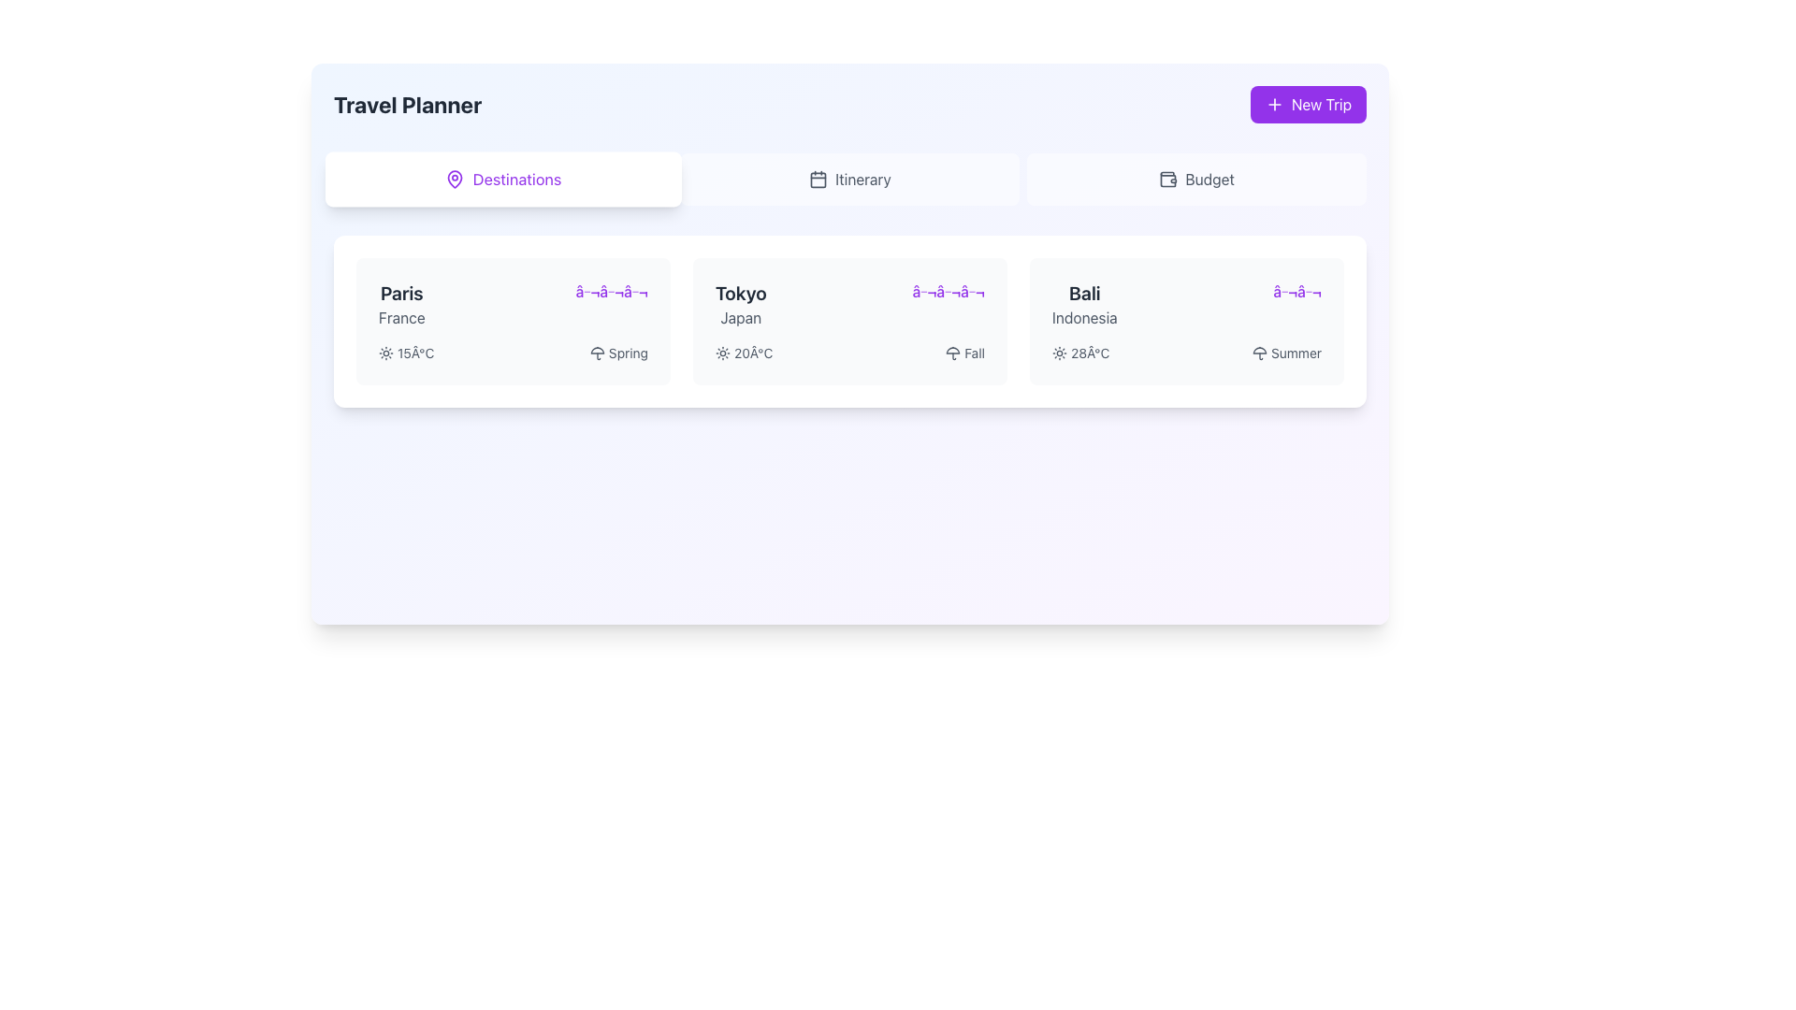 This screenshot has width=1796, height=1010. Describe the element at coordinates (1286, 353) in the screenshot. I see `the informational label indicating the season 'Summer' for 'Bali', which is located in the third card of the bottom row in the grid layout` at that location.